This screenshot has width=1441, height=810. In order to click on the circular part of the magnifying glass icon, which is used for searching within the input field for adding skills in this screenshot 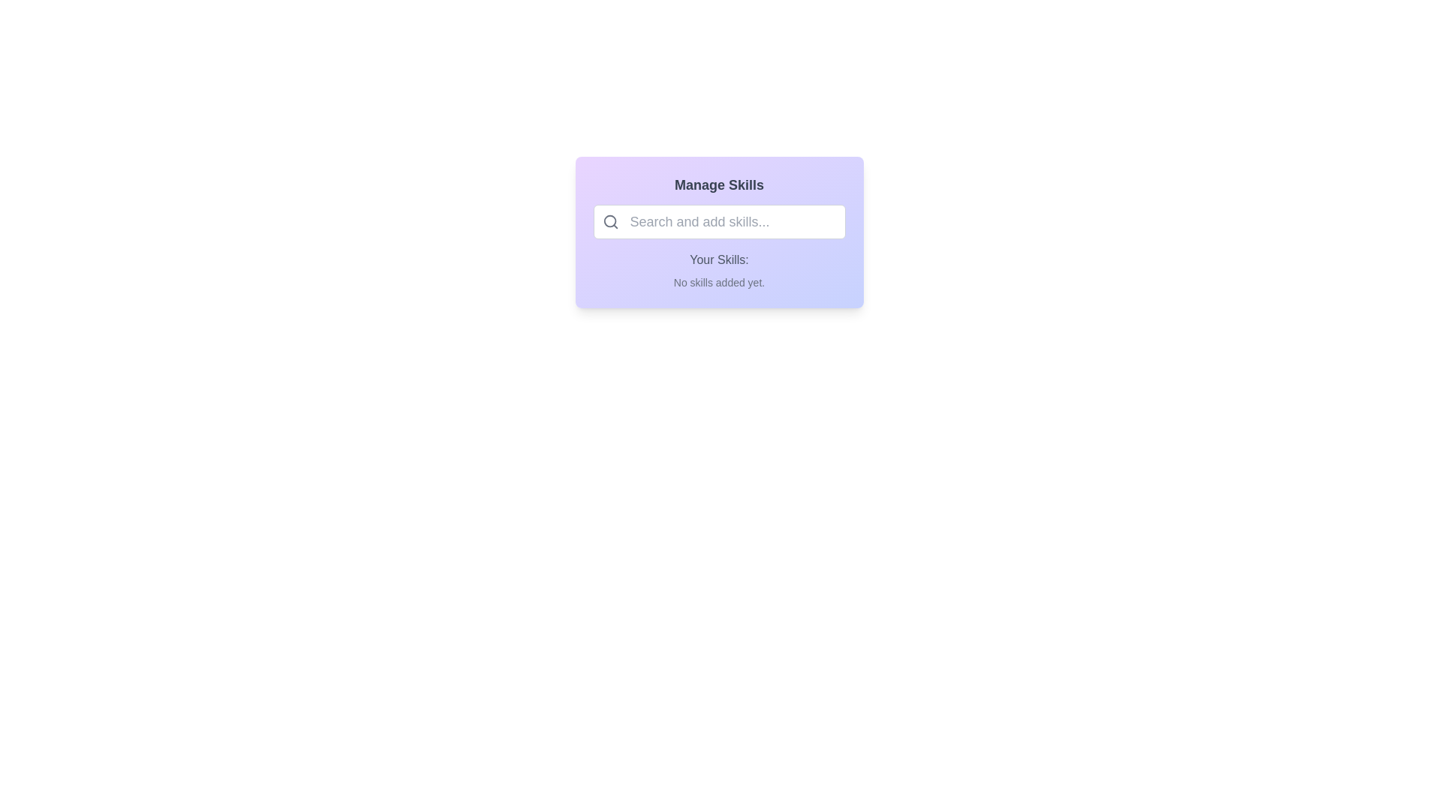, I will do `click(609, 221)`.